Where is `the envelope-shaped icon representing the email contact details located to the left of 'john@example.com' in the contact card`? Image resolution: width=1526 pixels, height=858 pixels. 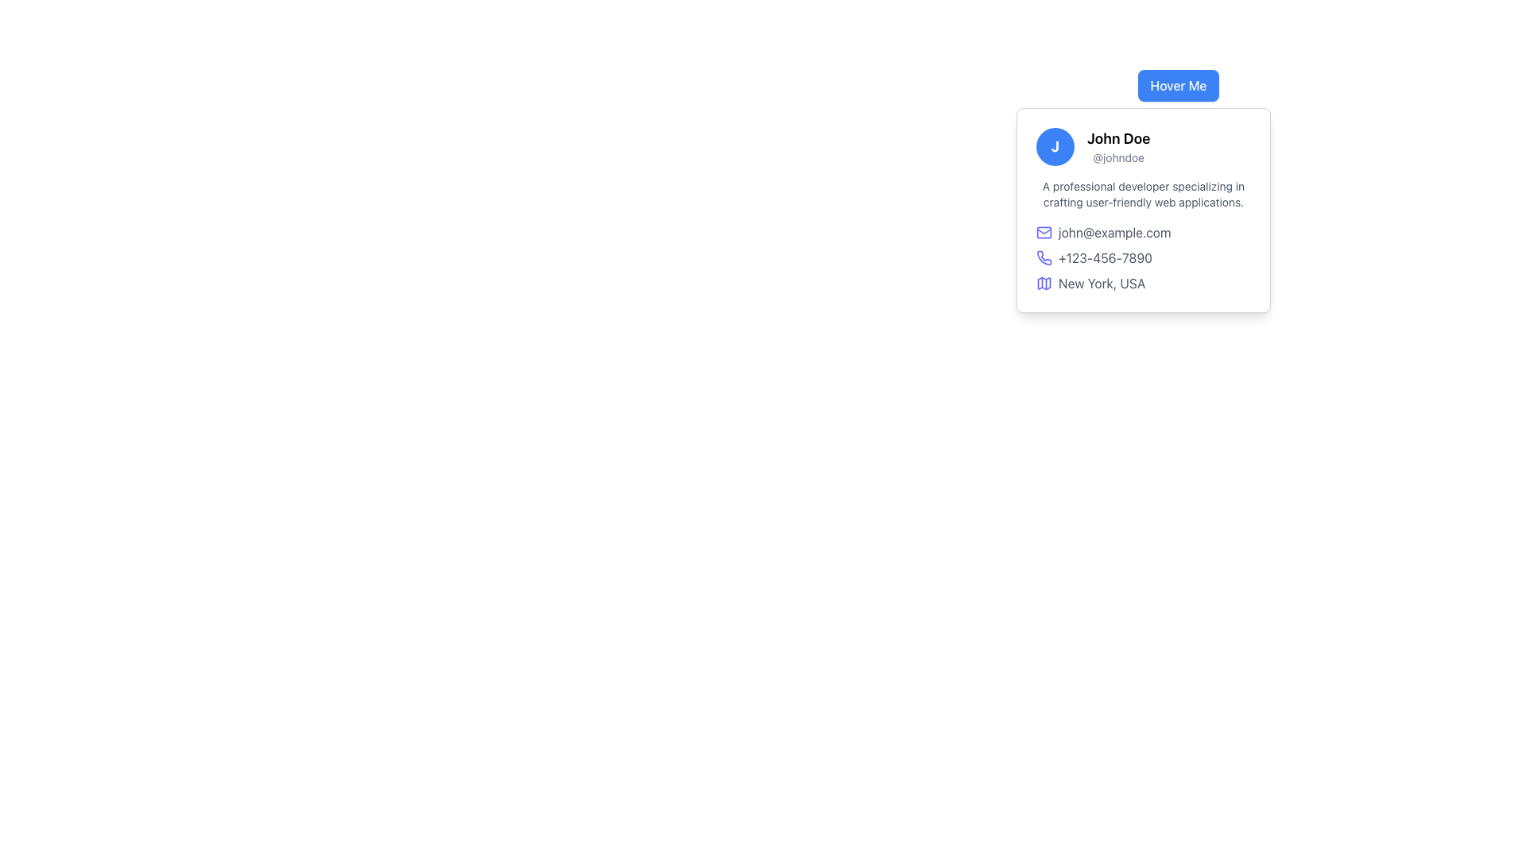
the envelope-shaped icon representing the email contact details located to the left of 'john@example.com' in the contact card is located at coordinates (1044, 233).